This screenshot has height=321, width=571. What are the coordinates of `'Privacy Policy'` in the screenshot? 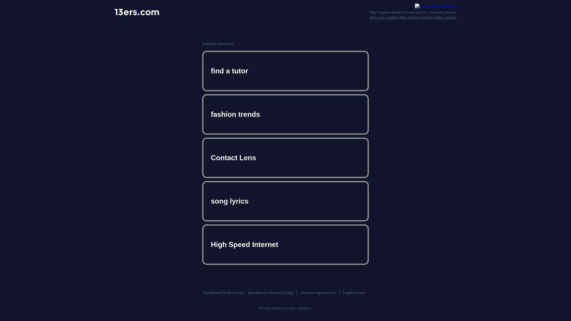 It's located at (258, 308).